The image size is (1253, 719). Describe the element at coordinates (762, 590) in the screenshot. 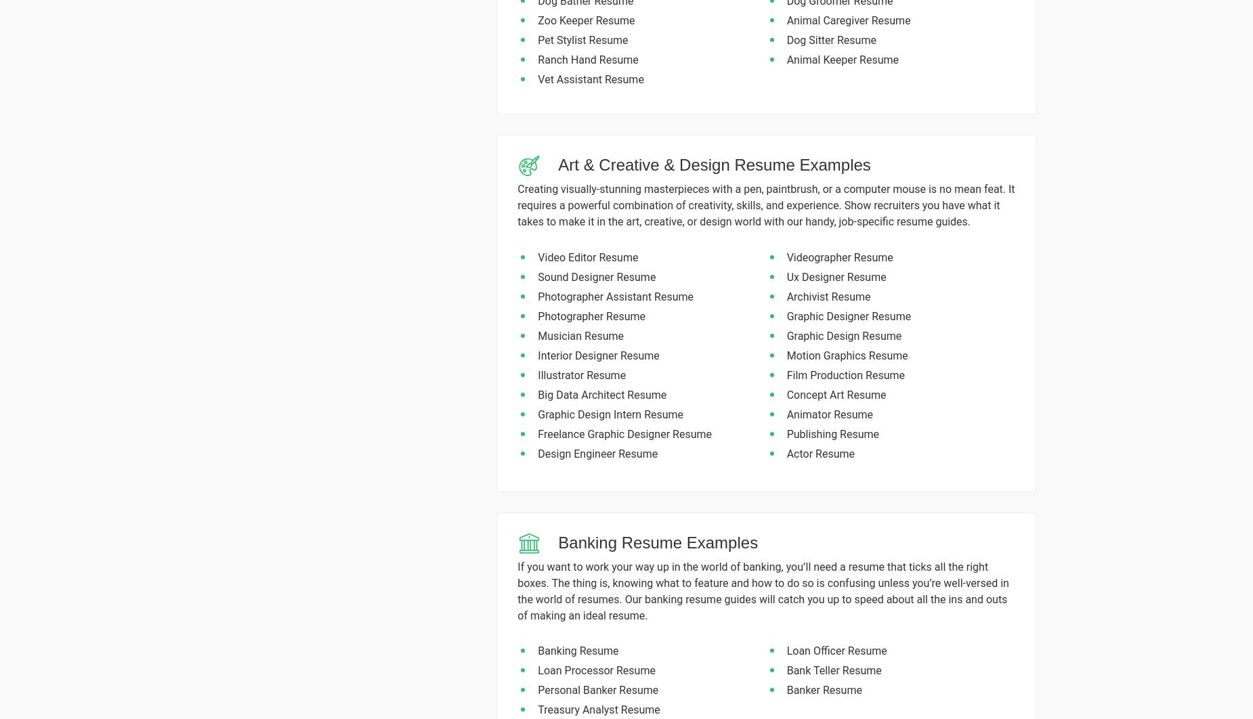

I see `'If you want to work your way up in the world of banking, you’ll need a resume that ticks all the right boxes. The thing is, knowing what to feature and how to do so is confusing unless you’re well-versed in the world of resumes. Our banking resume guides will catch you up to speed about all the ins and outs of making an ideal resume.'` at that location.